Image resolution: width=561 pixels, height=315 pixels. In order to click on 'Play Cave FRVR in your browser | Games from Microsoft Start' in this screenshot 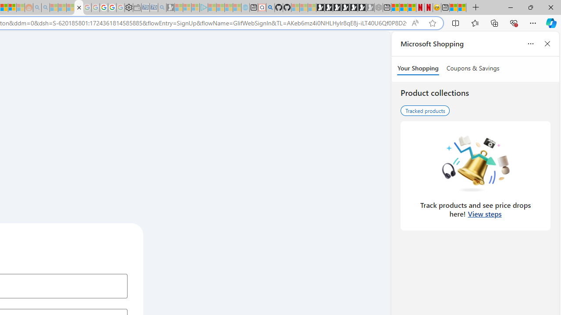, I will do `click(337, 7)`.